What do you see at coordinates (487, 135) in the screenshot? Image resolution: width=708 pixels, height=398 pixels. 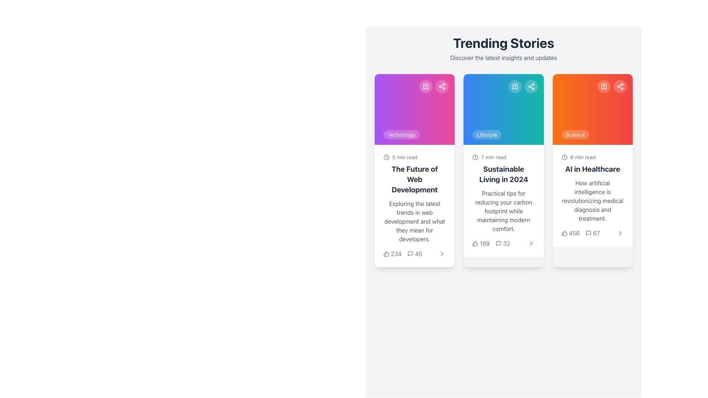 I see `the pill-shaped button labeled 'Lifestyle' which is displayed in white font on a semi-transparent white background within the second card from the left, featuring a green-to-blue gradient background` at bounding box center [487, 135].